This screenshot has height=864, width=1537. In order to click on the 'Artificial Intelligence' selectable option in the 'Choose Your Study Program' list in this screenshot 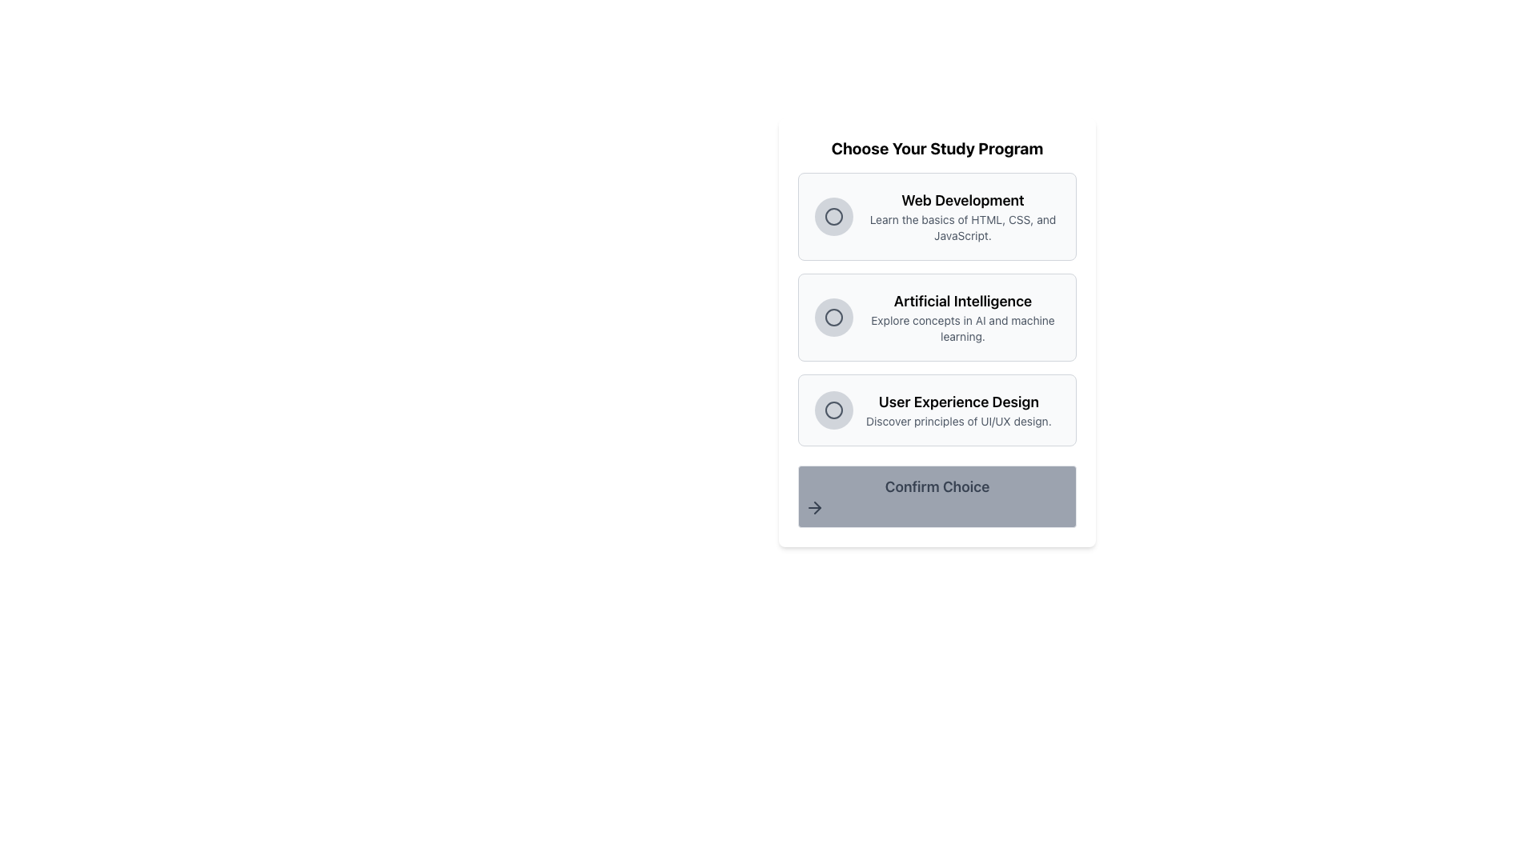, I will do `click(937, 332)`.